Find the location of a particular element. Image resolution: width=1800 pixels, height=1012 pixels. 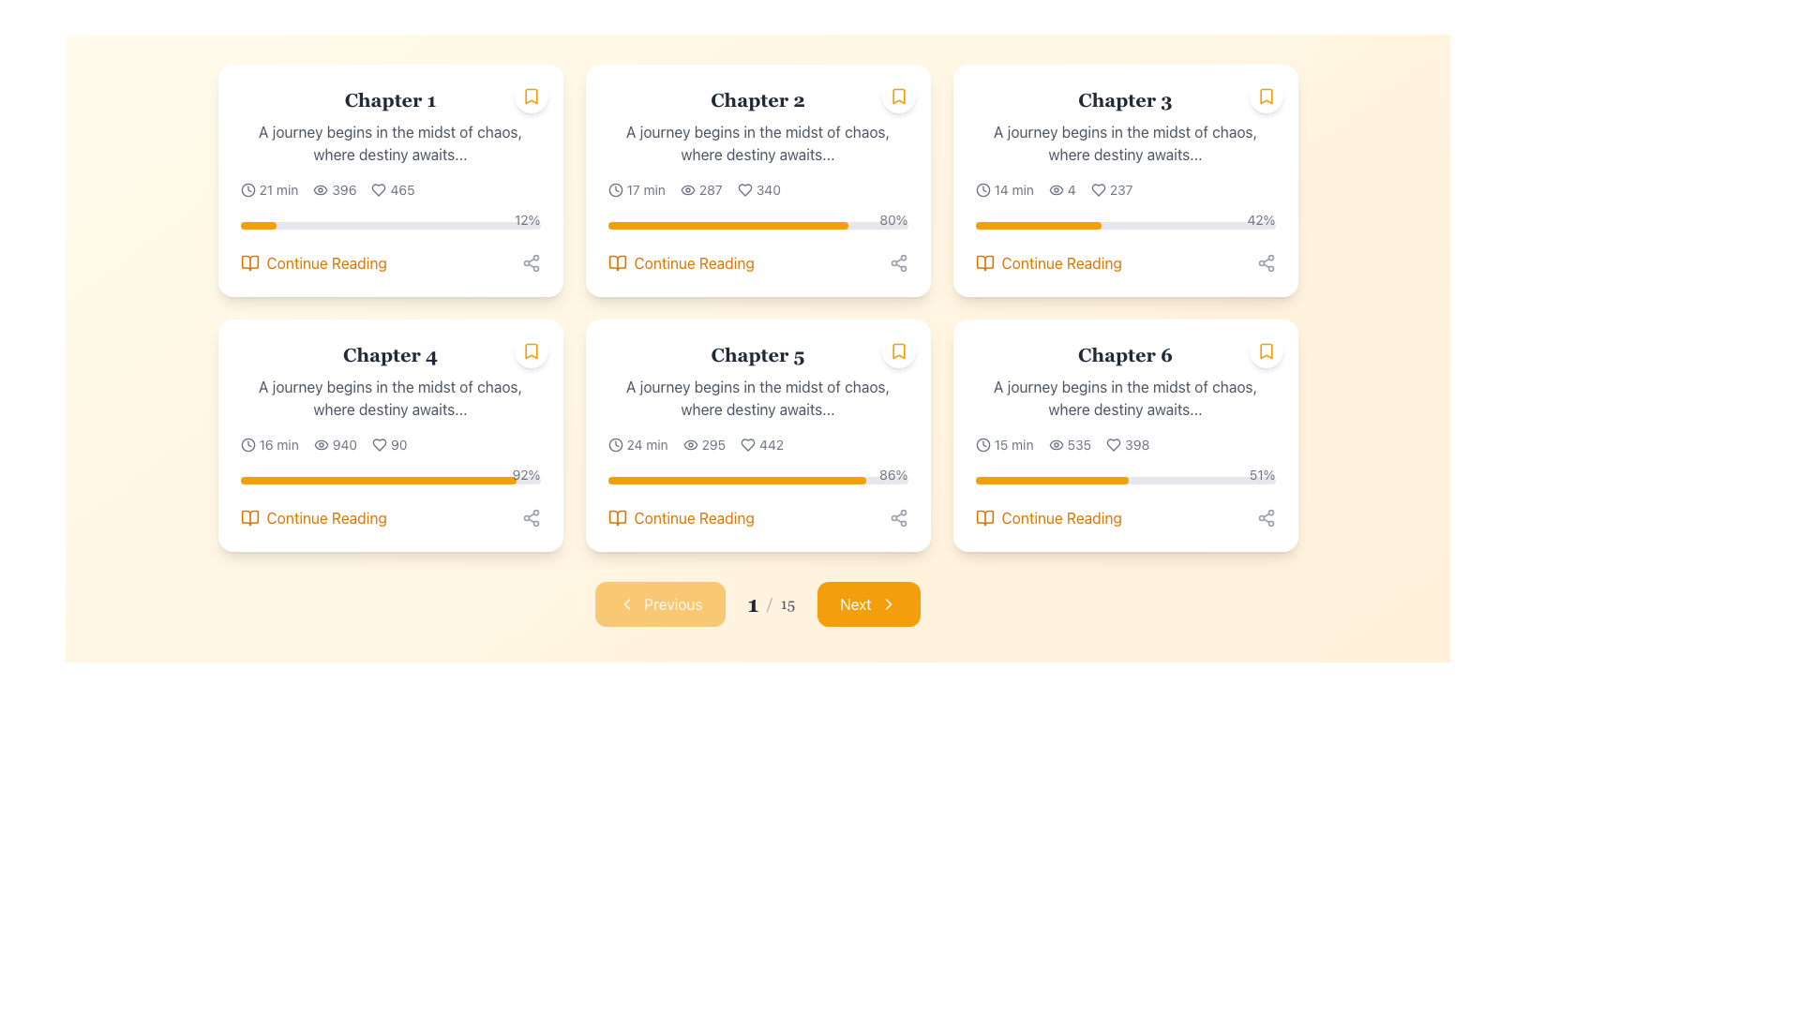

the button-like link at the bottom right of the 'Chapter 1' card is located at coordinates (389, 263).